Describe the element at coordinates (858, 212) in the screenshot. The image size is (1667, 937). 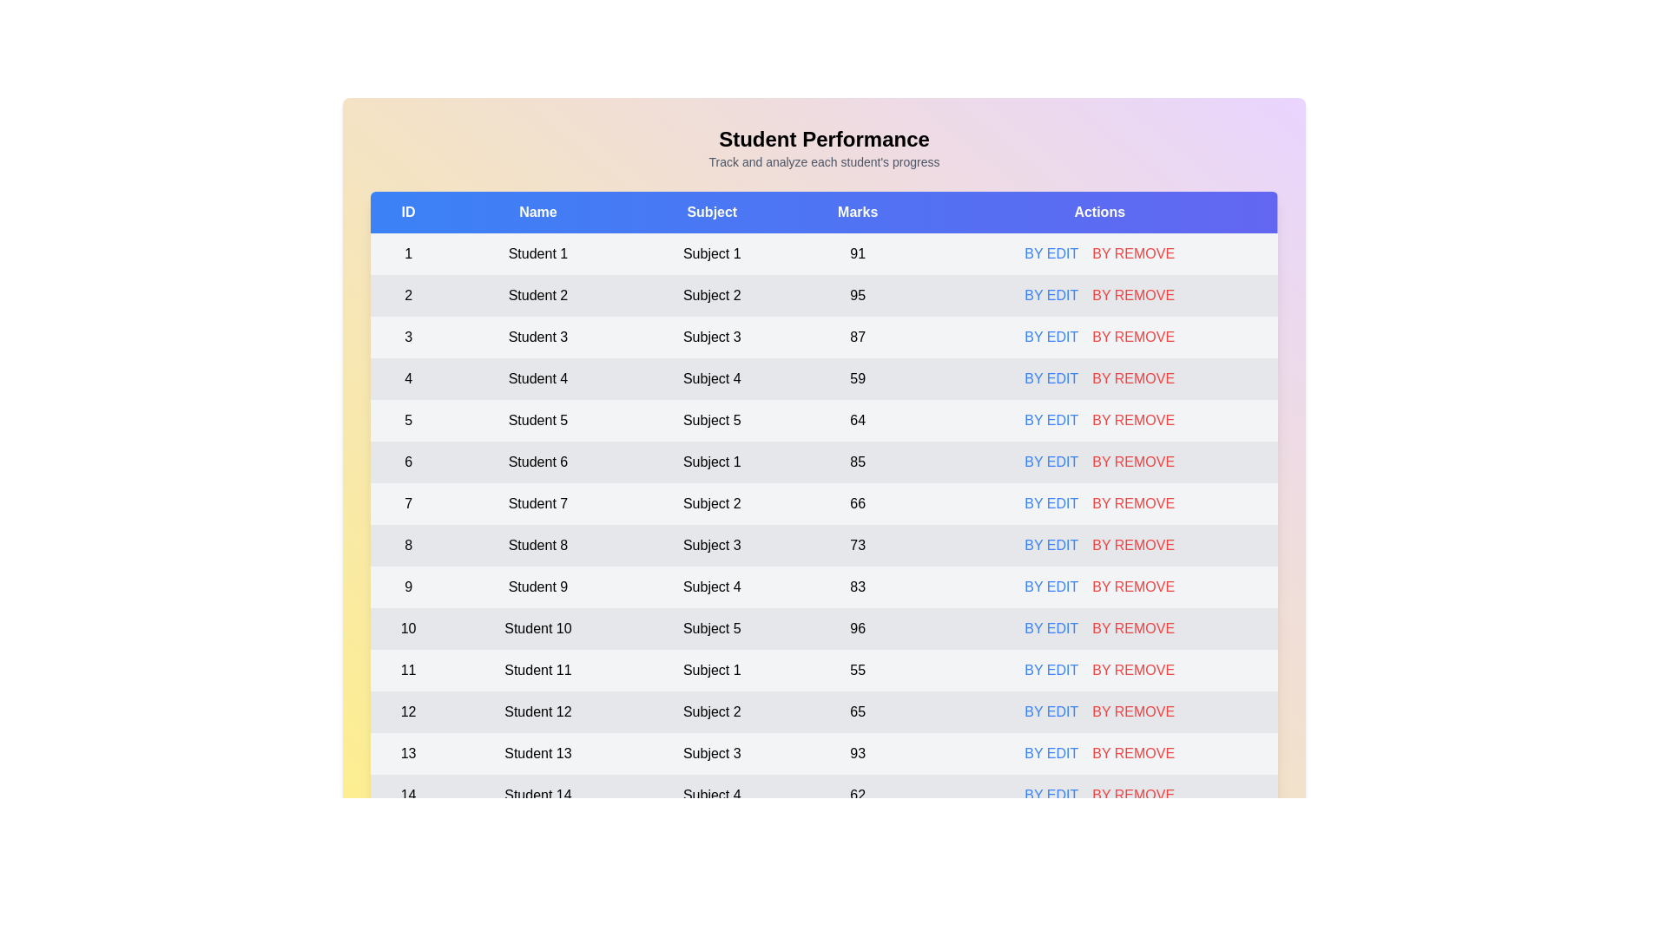
I see `the table header to sort by Marks` at that location.